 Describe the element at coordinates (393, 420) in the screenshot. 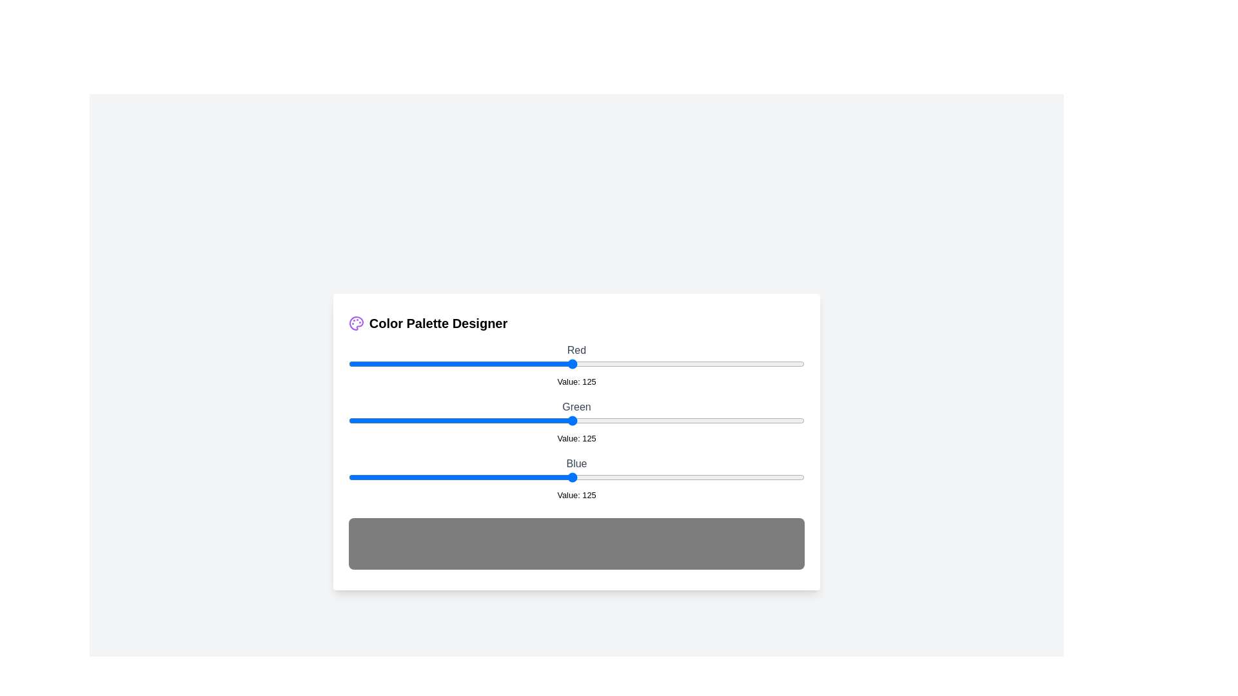

I see `the 1 slider to 25 to observe the updated color preview` at that location.